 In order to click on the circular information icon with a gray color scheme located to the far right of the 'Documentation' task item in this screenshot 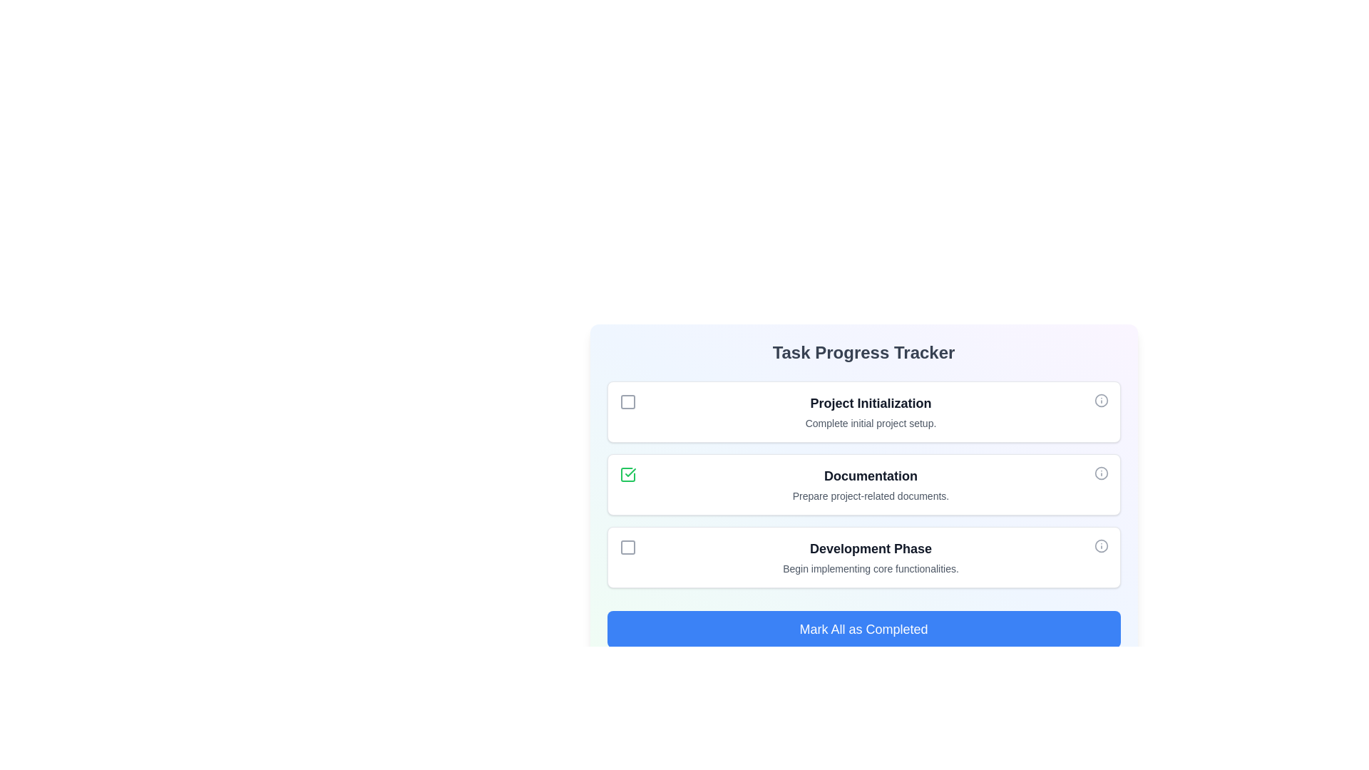, I will do `click(1100, 473)`.